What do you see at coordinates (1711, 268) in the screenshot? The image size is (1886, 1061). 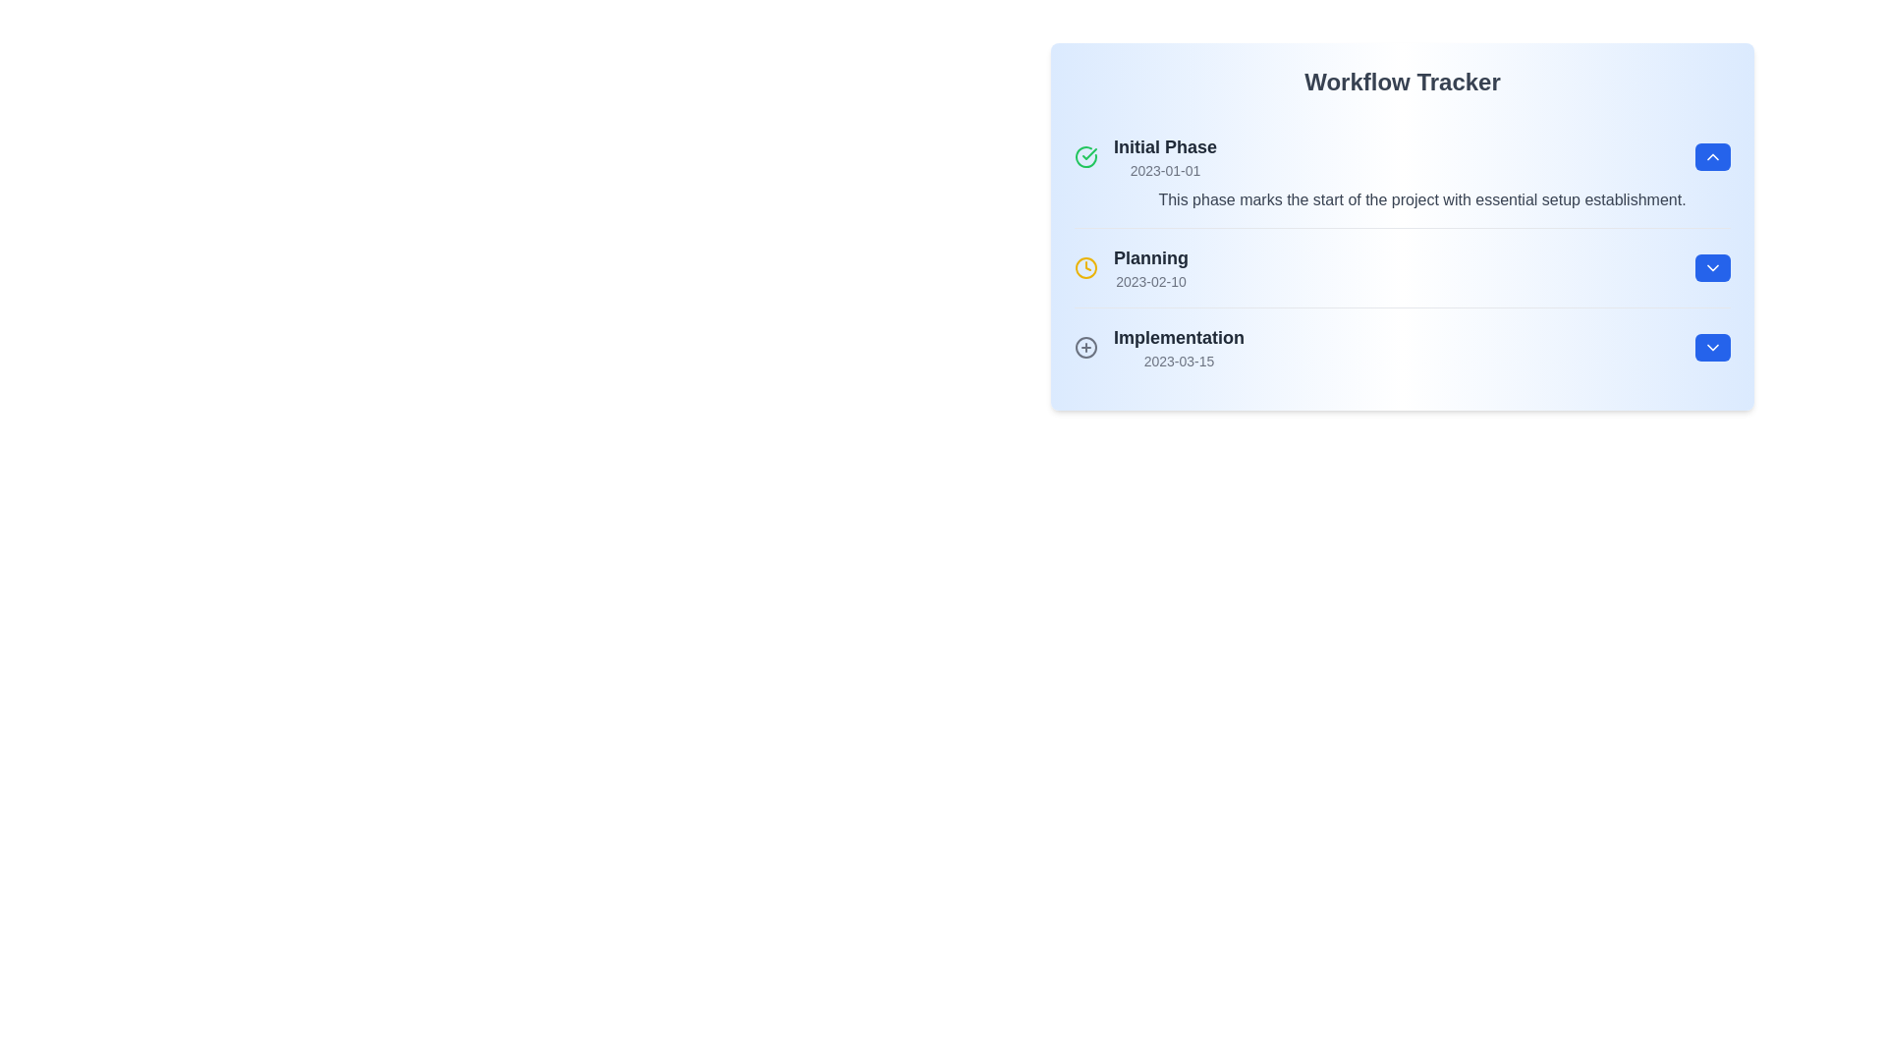 I see `the downward-facing chevron icon with a stroke outline, located inside a button next to the 'Planning' label in the 'Workflow Tracker' section` at bounding box center [1711, 268].